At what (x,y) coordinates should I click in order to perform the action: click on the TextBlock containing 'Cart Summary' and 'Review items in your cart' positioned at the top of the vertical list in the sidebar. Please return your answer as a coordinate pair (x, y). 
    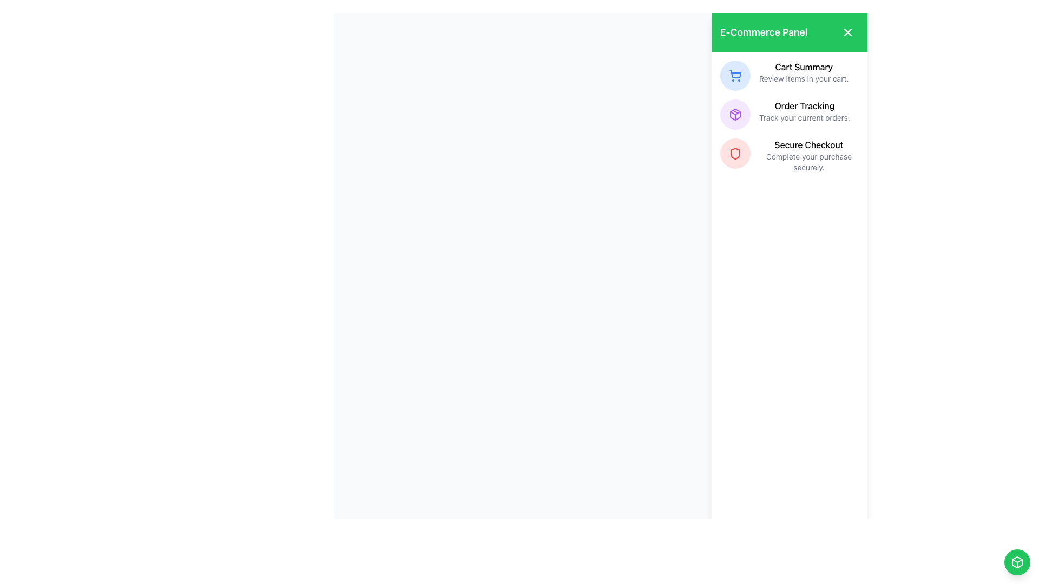
    Looking at the image, I should click on (804, 72).